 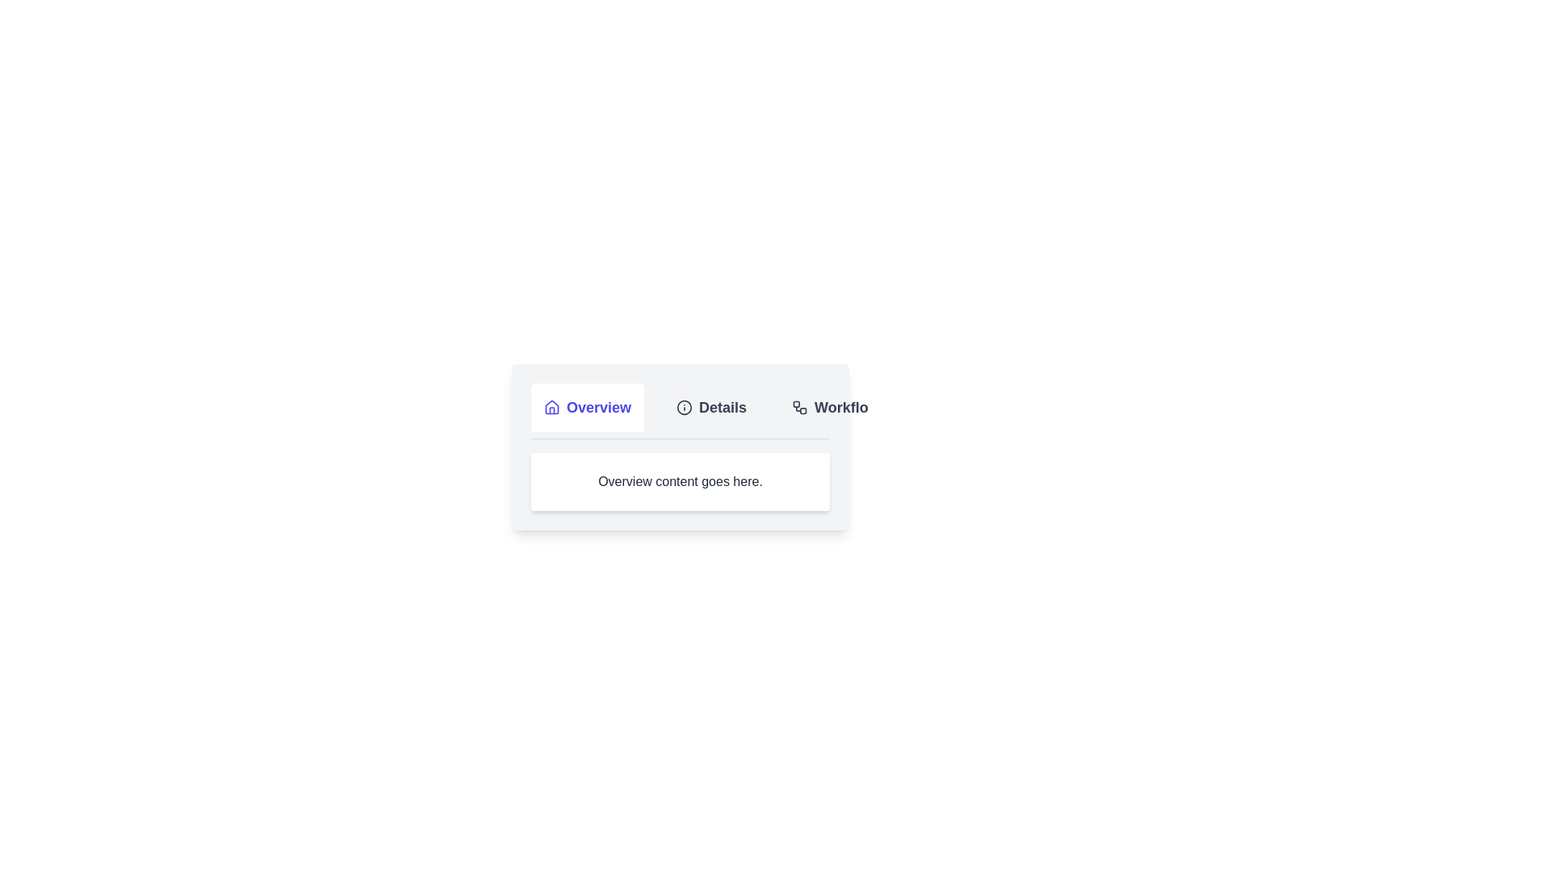 What do you see at coordinates (836, 407) in the screenshot?
I see `the 'Workflow' button, which is the third button in the navigation bar` at bounding box center [836, 407].